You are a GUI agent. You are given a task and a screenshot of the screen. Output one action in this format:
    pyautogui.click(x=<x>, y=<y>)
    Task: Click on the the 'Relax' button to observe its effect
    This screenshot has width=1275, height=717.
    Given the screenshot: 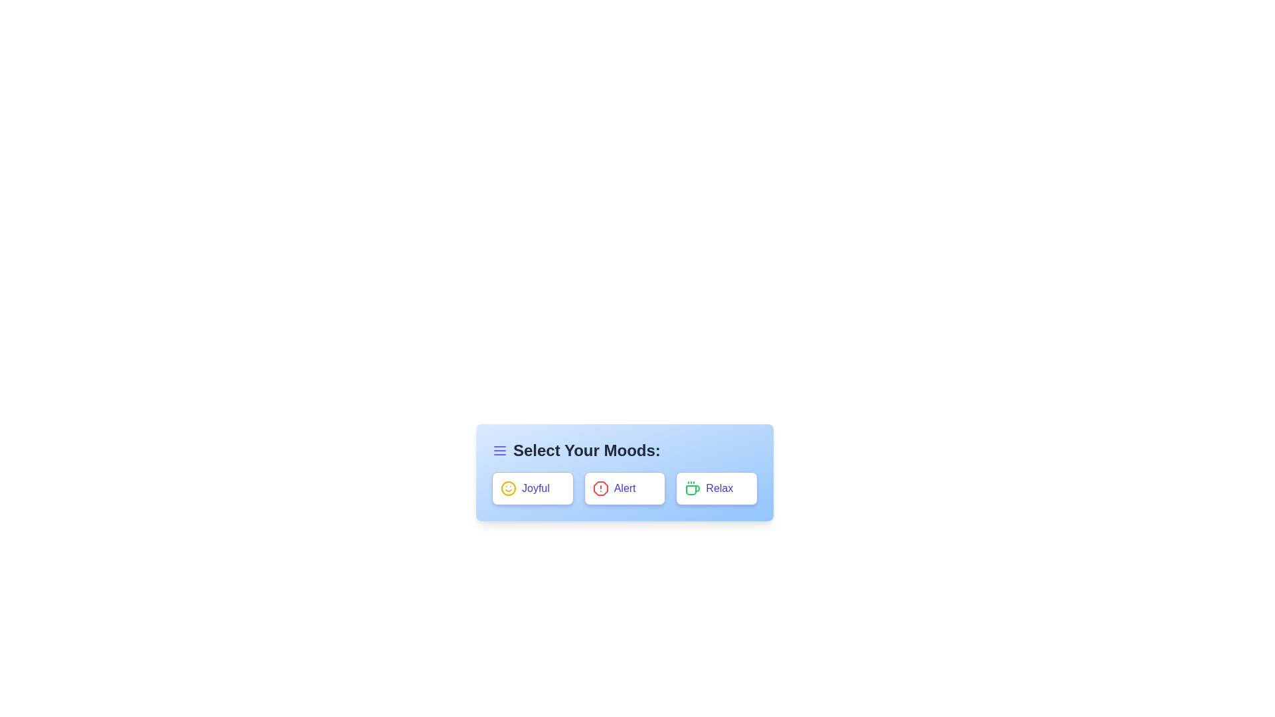 What is the action you would take?
    pyautogui.click(x=717, y=489)
    